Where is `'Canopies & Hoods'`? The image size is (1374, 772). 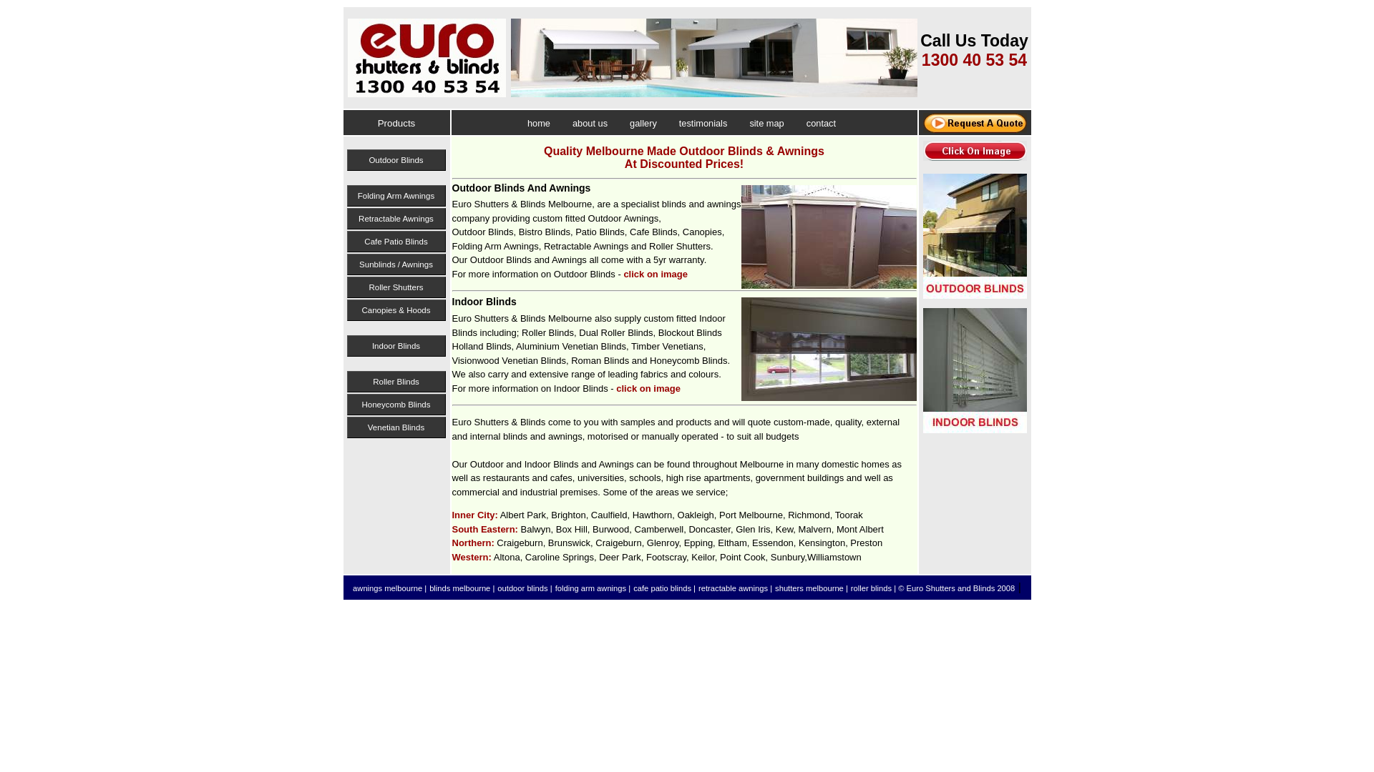
'Canopies & Hoods' is located at coordinates (395, 310).